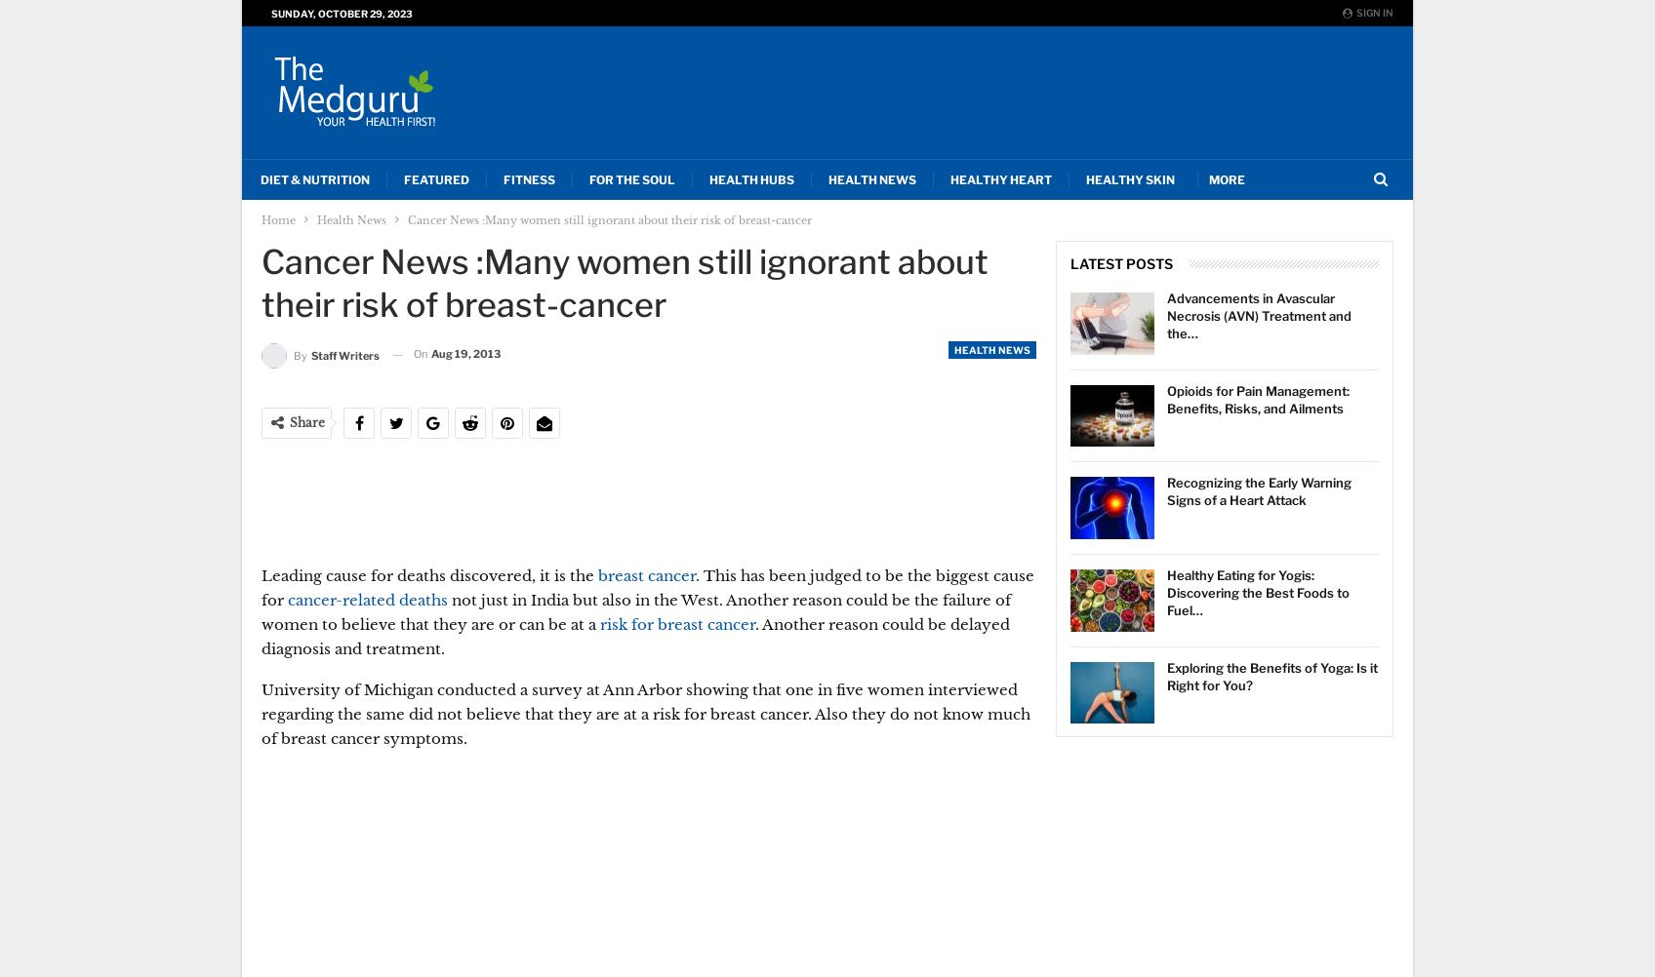 The height and width of the screenshot is (977, 1655). What do you see at coordinates (1272, 675) in the screenshot?
I see `'Exploring the Benefits of Yoga: Is it Right for You?'` at bounding box center [1272, 675].